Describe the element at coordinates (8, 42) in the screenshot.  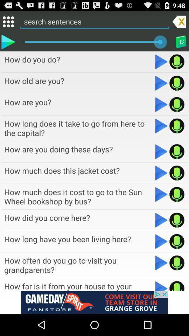
I see `currently selected sentence` at that location.